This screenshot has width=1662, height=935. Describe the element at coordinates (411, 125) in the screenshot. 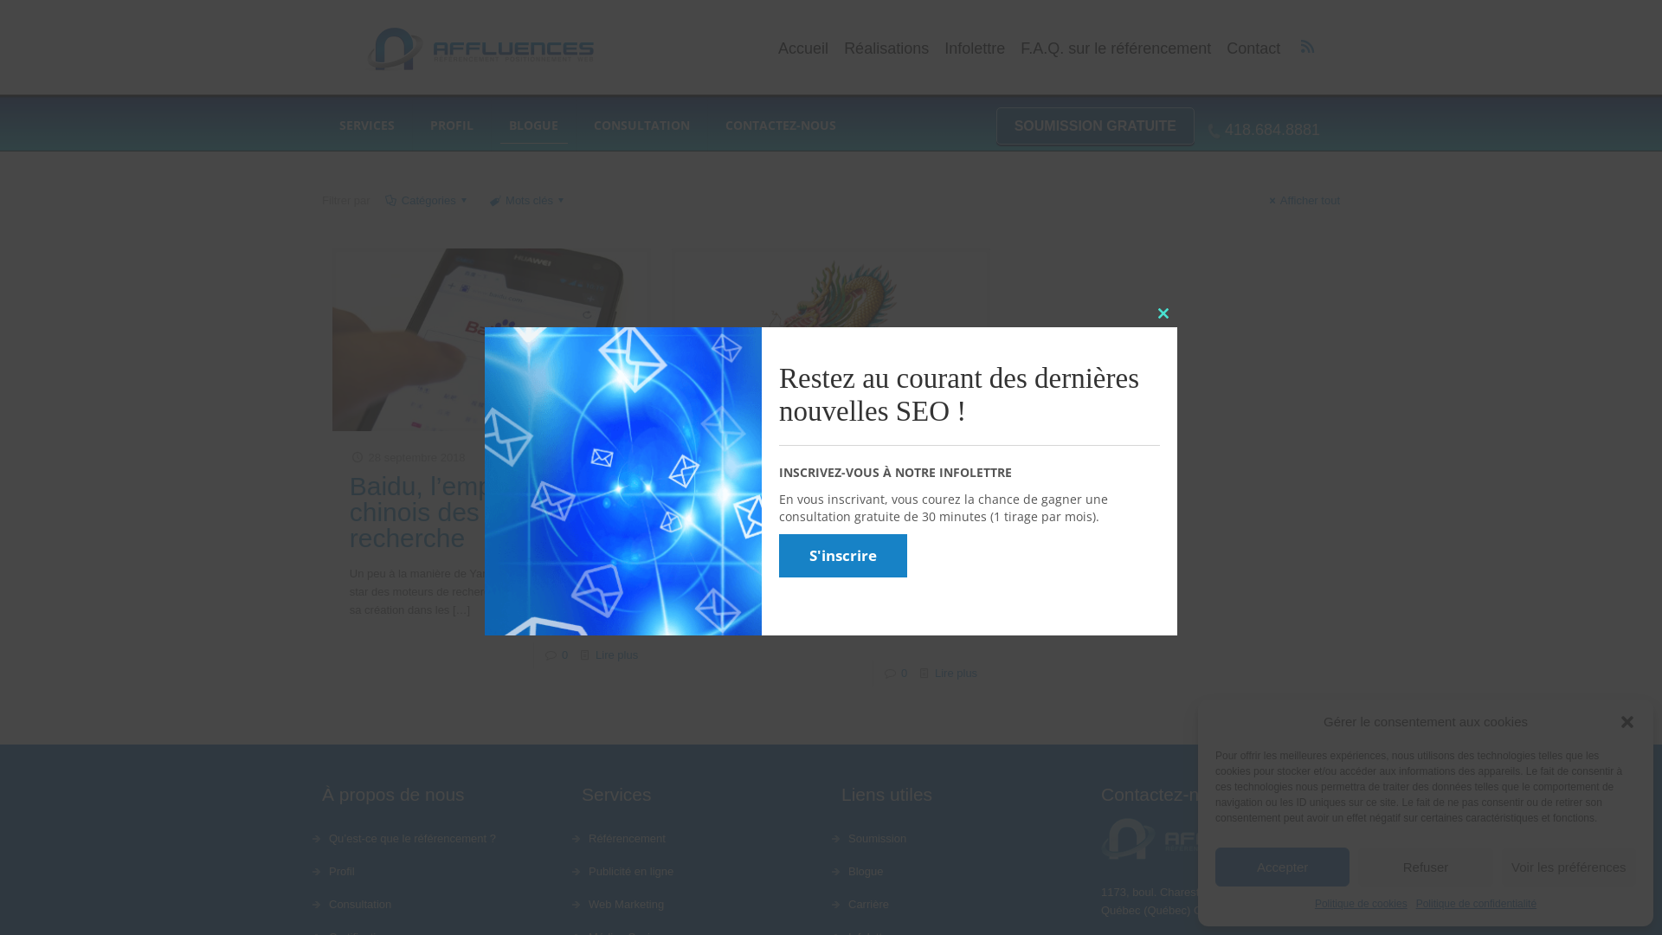

I see `'PROFIL'` at that location.